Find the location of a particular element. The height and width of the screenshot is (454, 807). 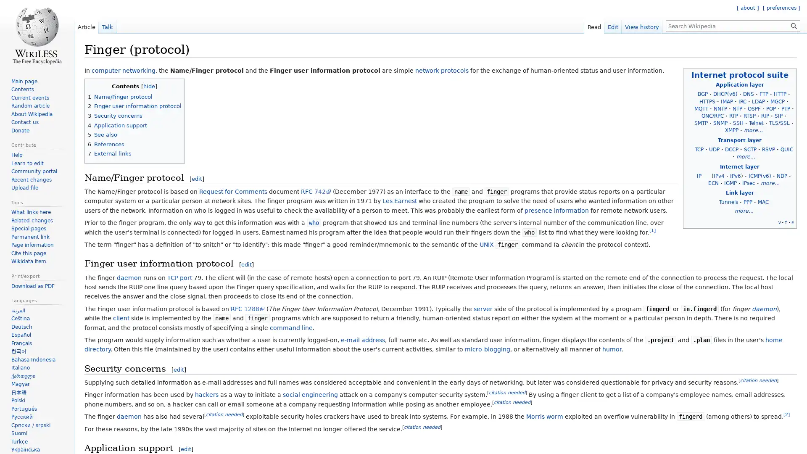

Go is located at coordinates (794, 25).